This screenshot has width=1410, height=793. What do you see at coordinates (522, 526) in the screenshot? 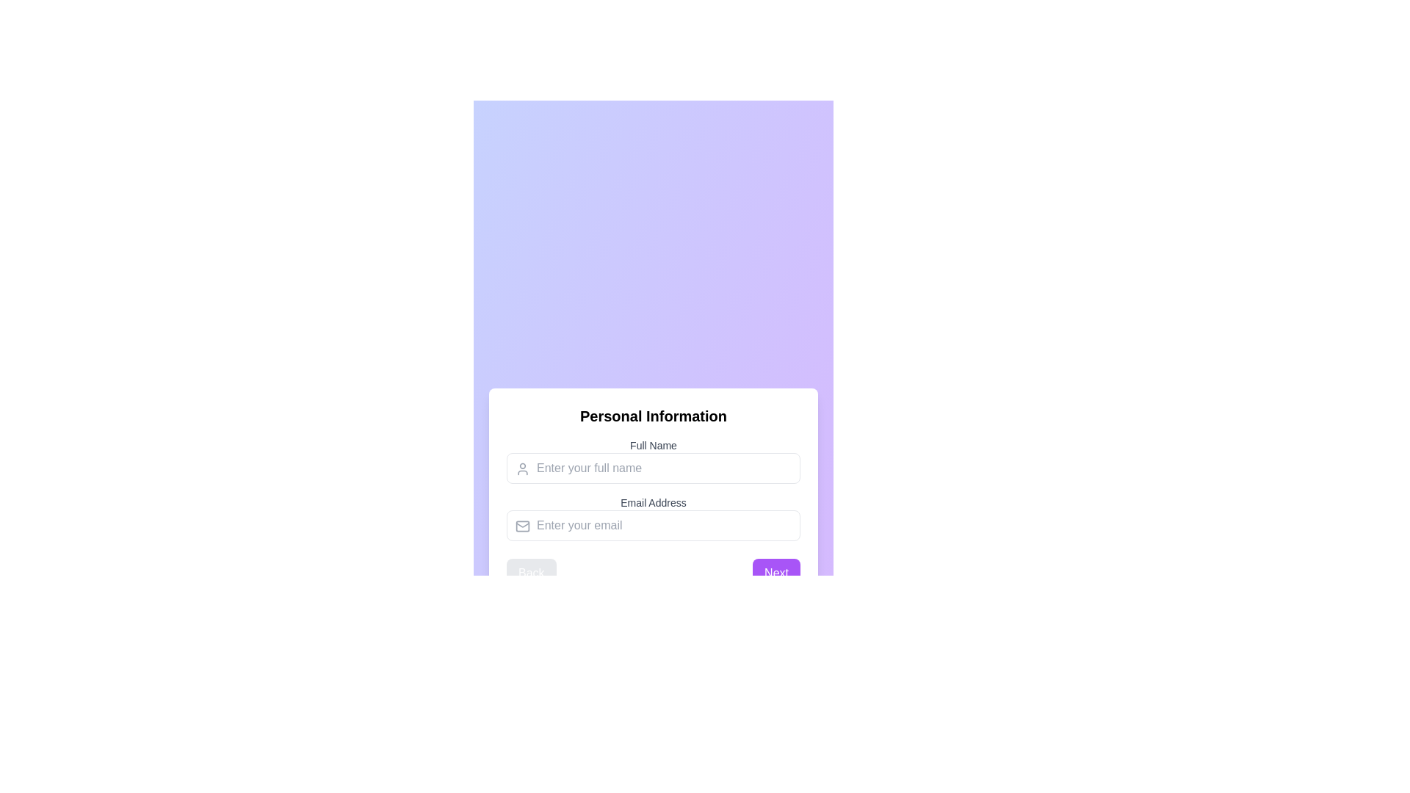
I see `the rectangular envelope icon that is part of the mail SVG component, located in the lower section of the 'Email Address' input field` at bounding box center [522, 526].